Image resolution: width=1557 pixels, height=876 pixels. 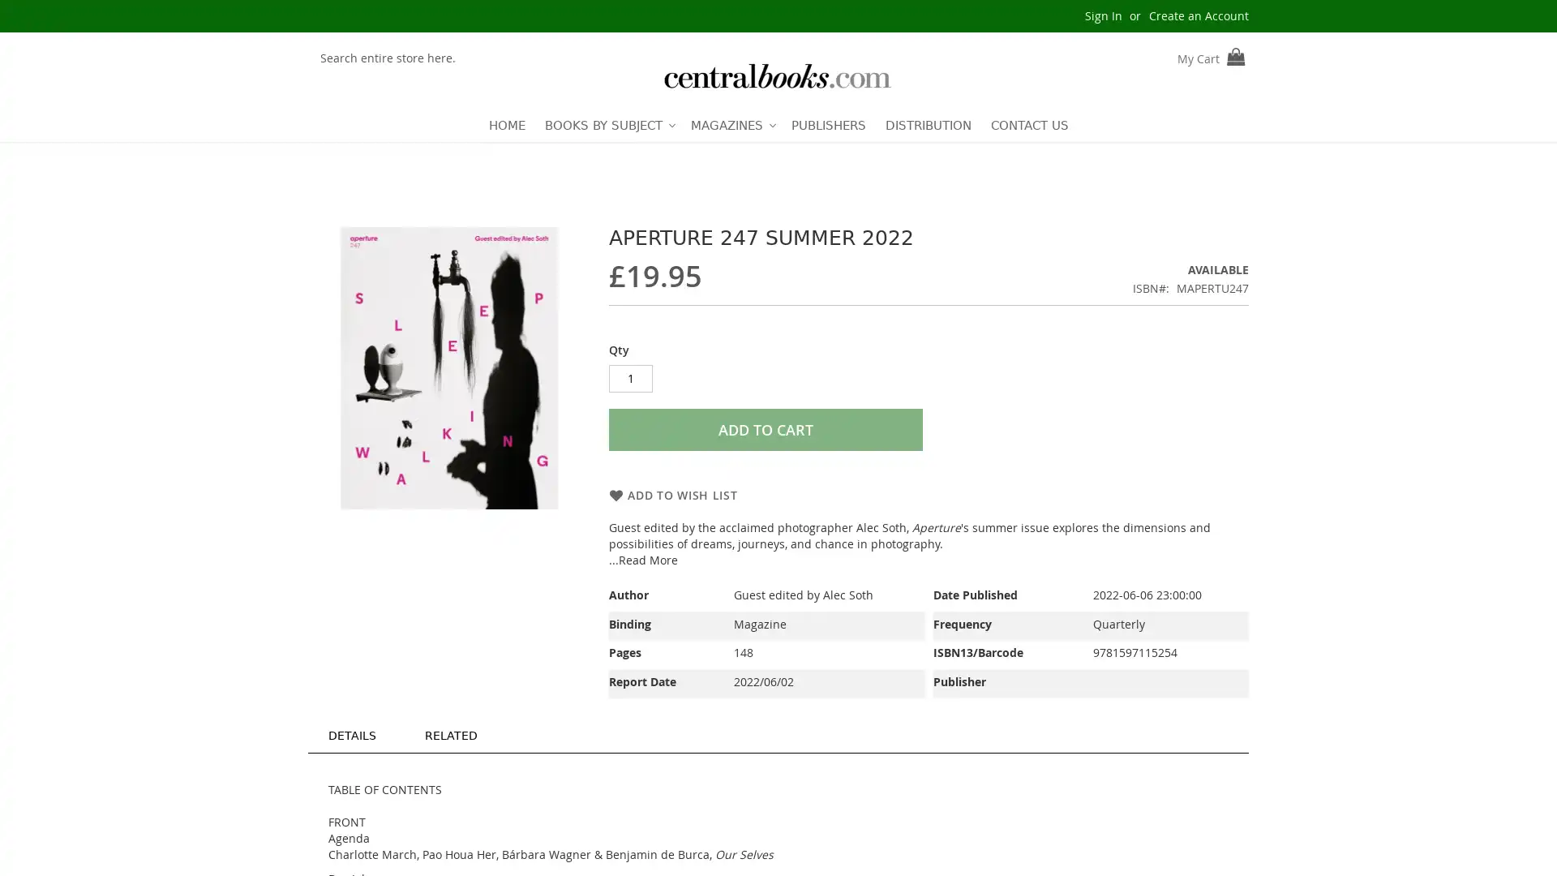 What do you see at coordinates (320, 555) in the screenshot?
I see `Previous` at bounding box center [320, 555].